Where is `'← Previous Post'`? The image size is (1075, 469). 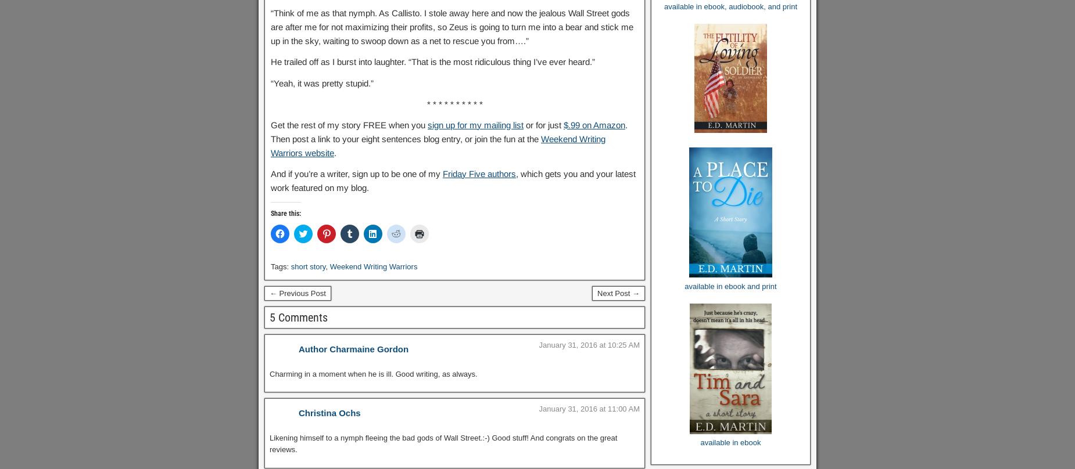
'← Previous Post' is located at coordinates (298, 293).